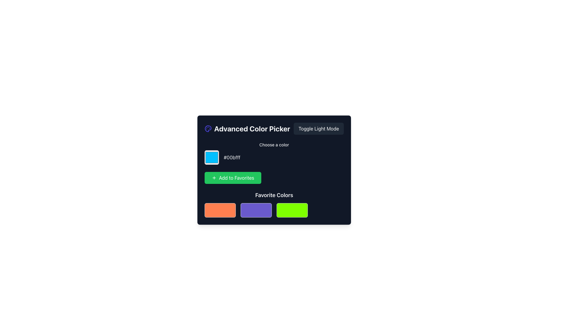  Describe the element at coordinates (211, 157) in the screenshot. I see `the solid blue color picker input box with rounded borders` at that location.